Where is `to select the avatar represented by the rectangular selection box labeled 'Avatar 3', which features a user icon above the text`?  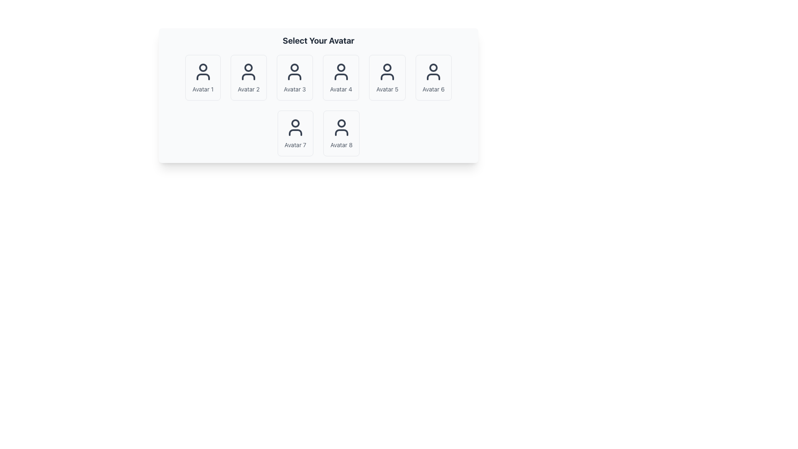
to select the avatar represented by the rectangular selection box labeled 'Avatar 3', which features a user icon above the text is located at coordinates (295, 77).